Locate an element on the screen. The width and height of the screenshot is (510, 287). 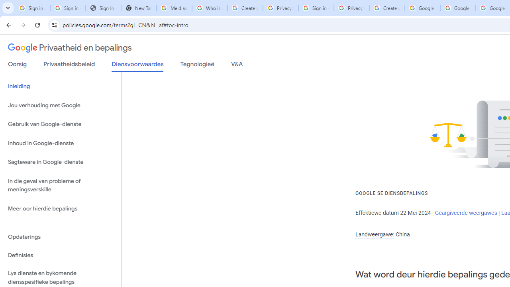
'Who is my administrator? - Google Account Help' is located at coordinates (210, 8).